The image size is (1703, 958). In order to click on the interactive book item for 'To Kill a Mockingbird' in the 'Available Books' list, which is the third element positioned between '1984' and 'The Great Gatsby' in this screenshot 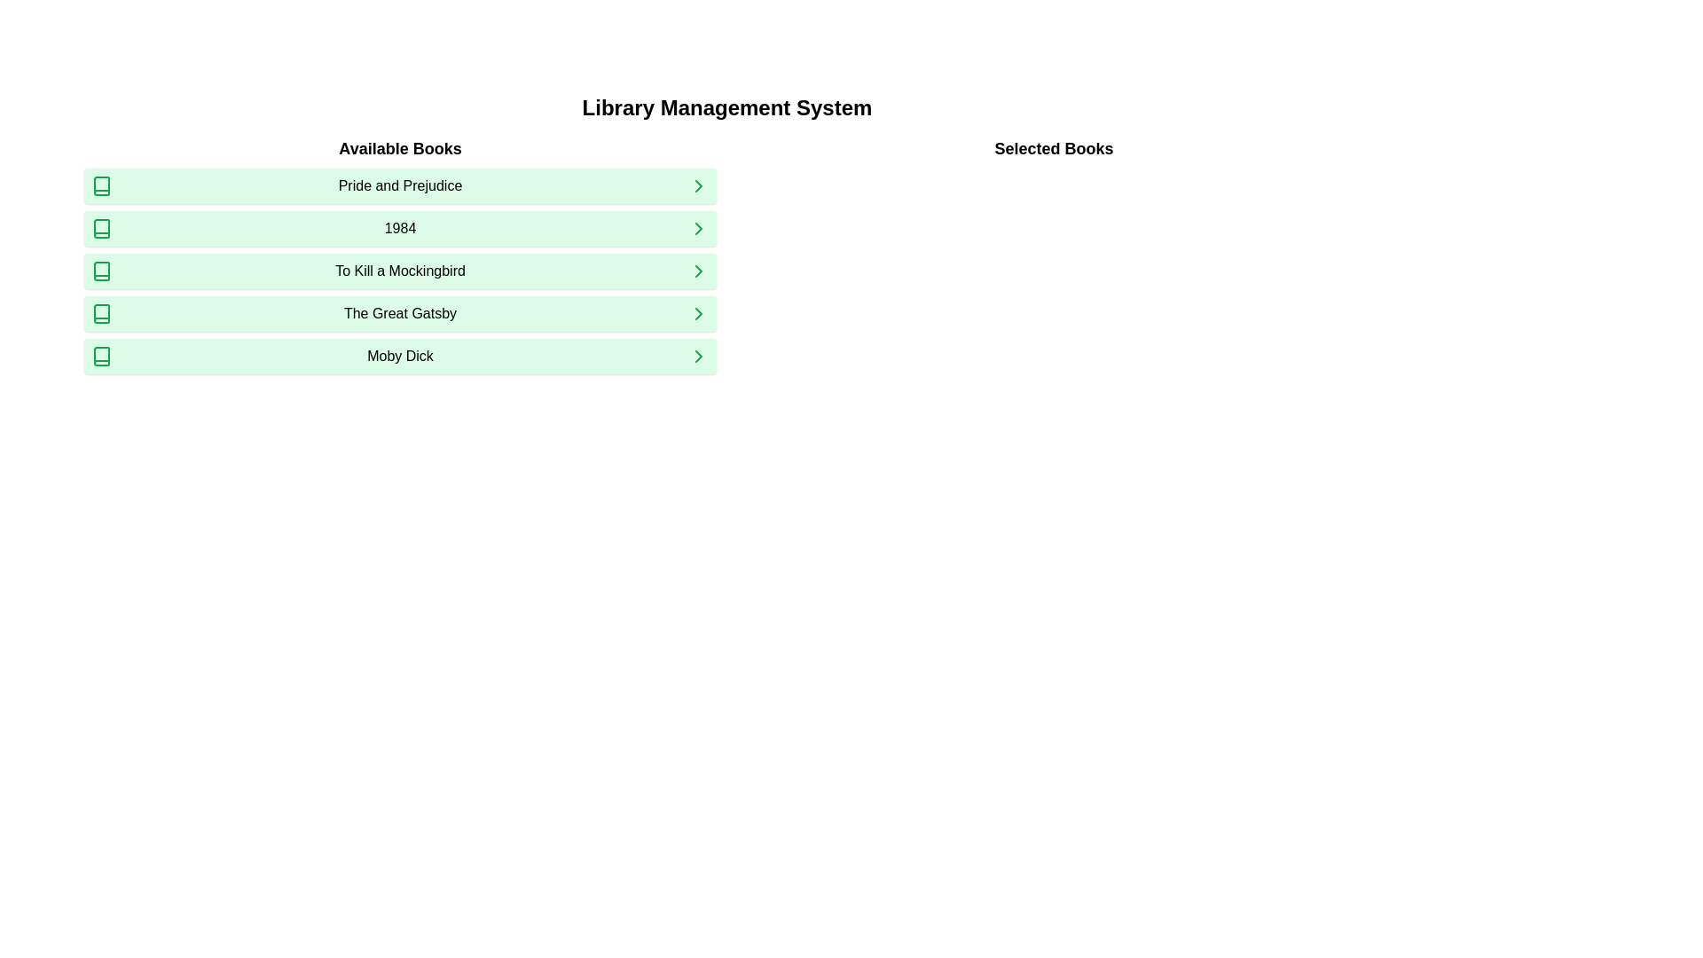, I will do `click(399, 271)`.